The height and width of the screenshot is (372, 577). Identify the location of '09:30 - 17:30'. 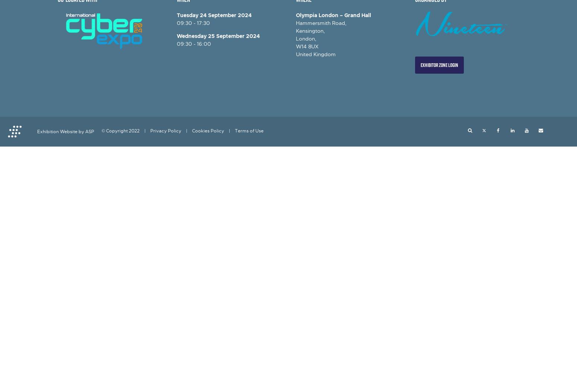
(193, 23).